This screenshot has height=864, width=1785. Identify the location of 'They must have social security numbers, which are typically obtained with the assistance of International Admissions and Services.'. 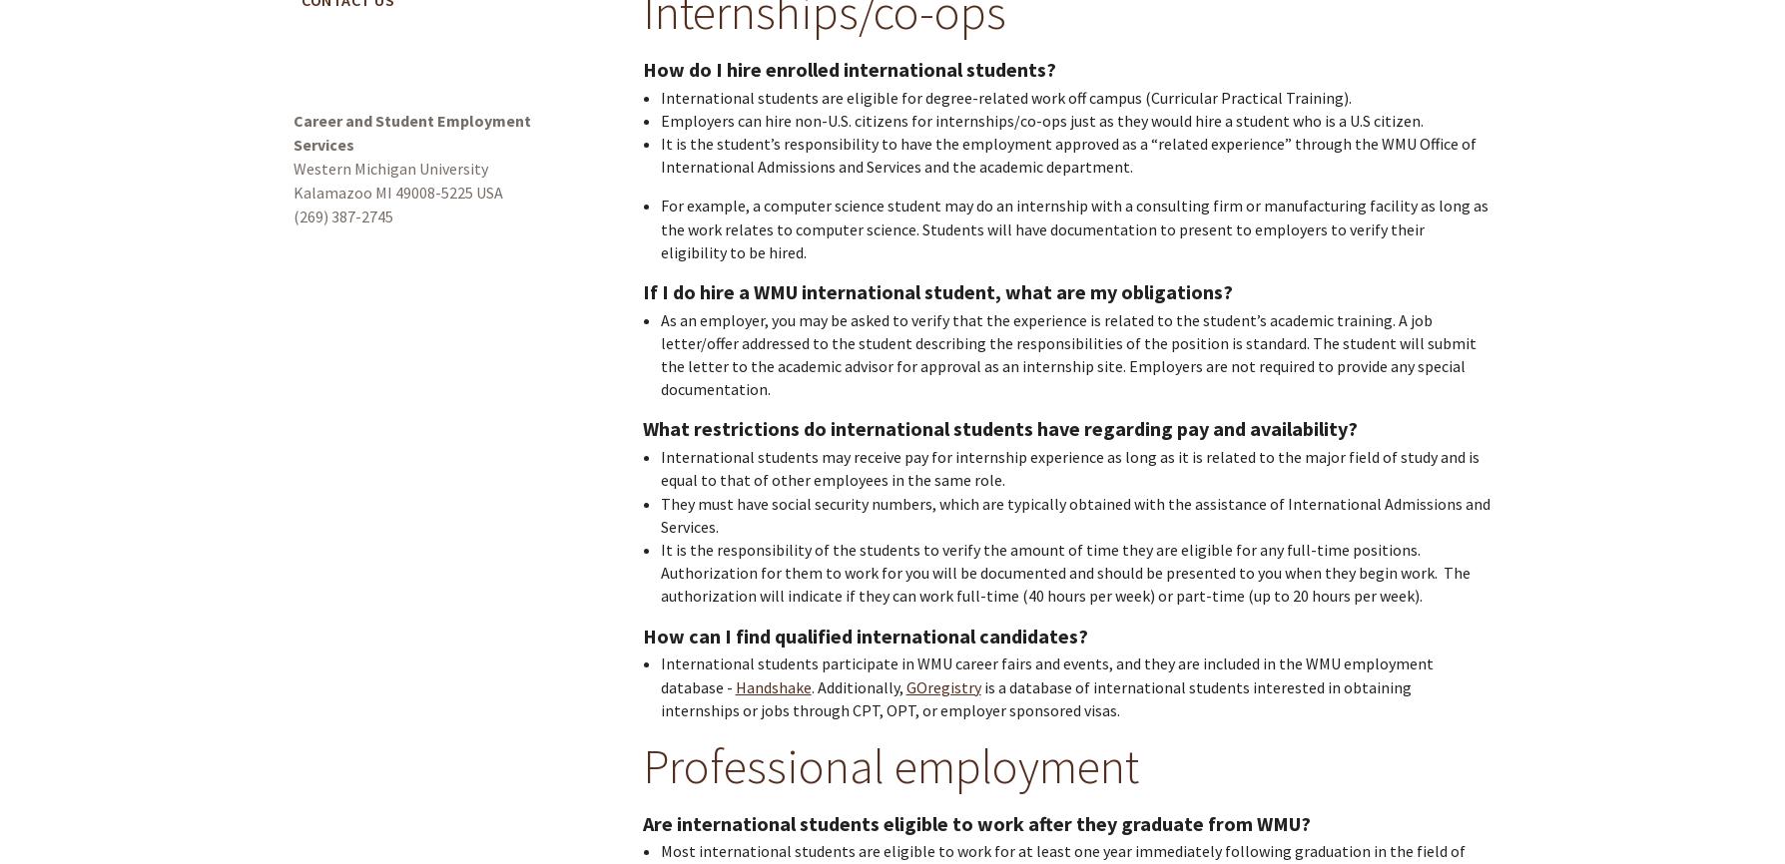
(660, 514).